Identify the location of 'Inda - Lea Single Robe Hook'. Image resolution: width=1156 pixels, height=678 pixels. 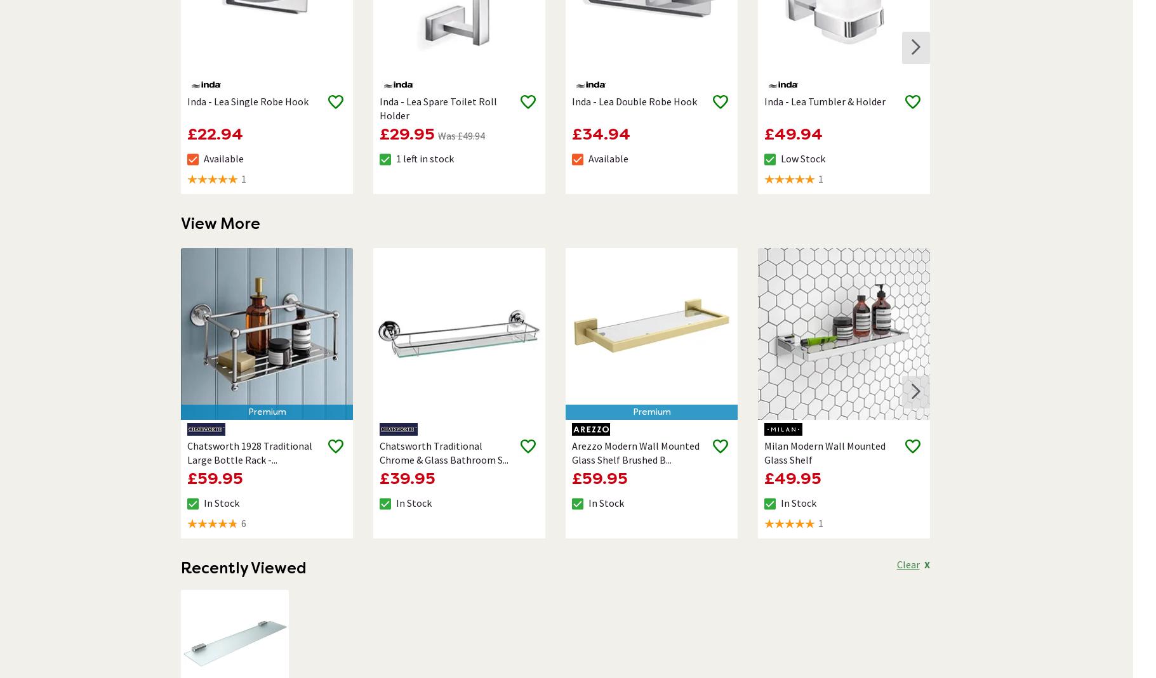
(246, 100).